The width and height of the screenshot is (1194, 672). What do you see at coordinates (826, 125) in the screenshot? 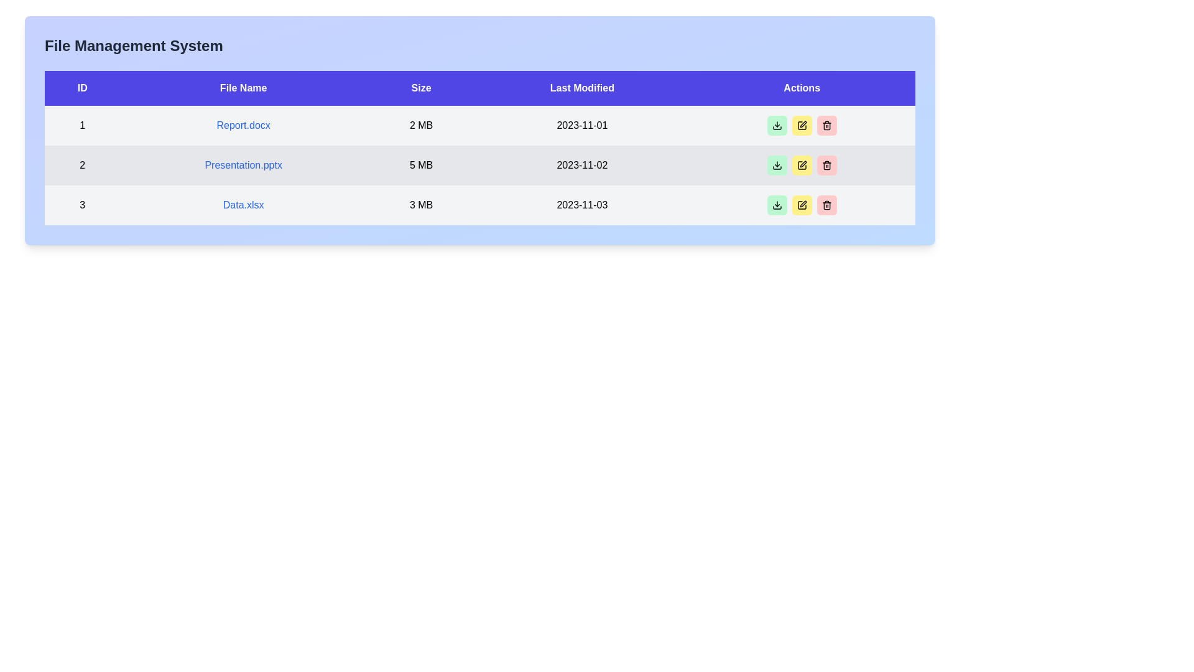
I see `the delete button with a red background and trash bin icon located in the 'Actions' column of the first file's row in the file management table` at bounding box center [826, 125].